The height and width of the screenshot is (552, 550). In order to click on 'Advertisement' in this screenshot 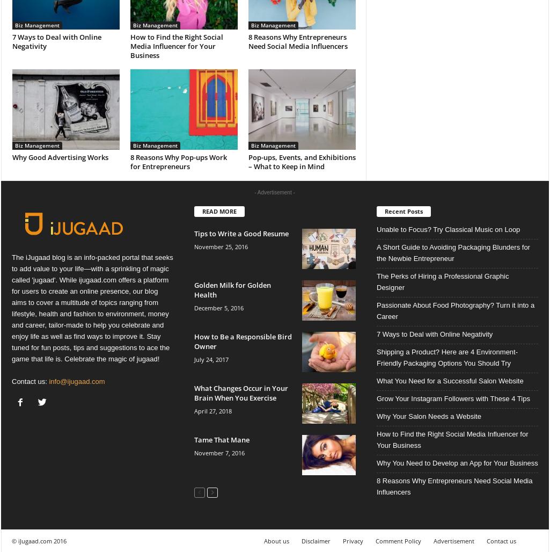, I will do `click(454, 540)`.